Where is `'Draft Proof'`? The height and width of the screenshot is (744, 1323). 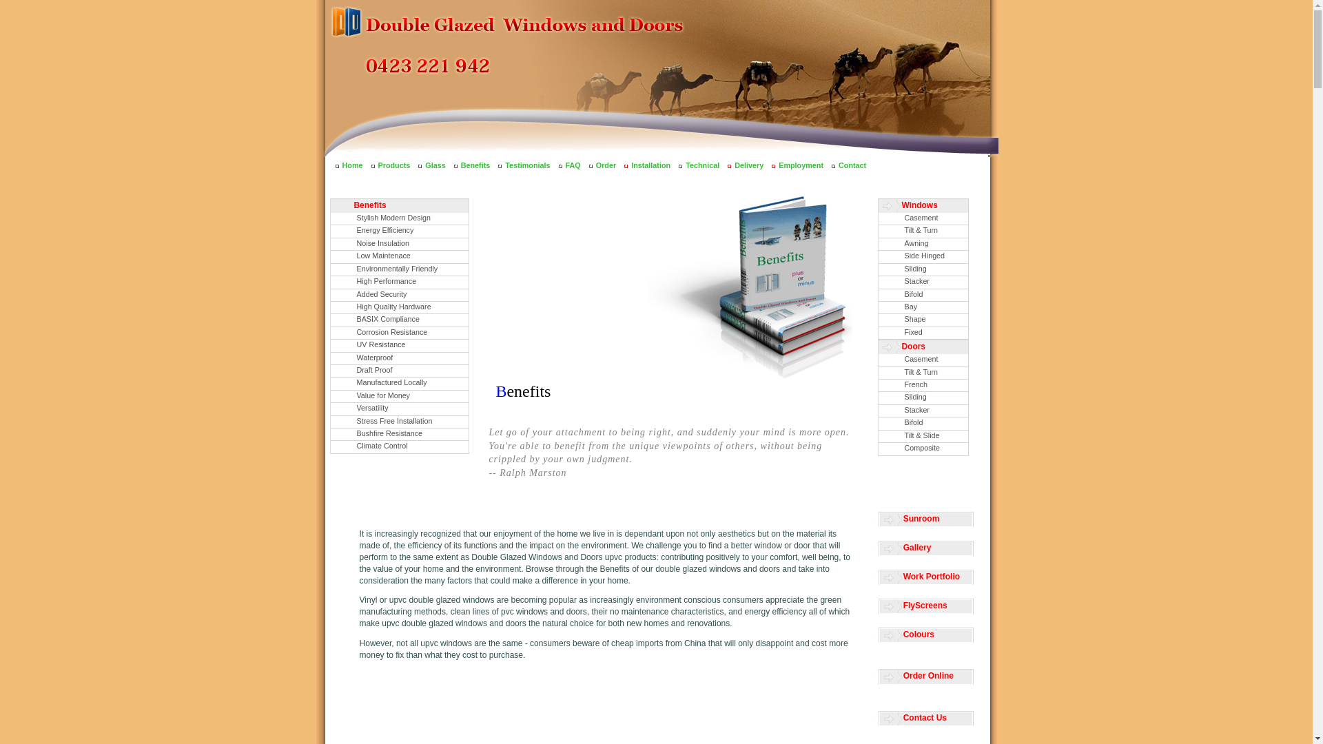
'Draft Proof' is located at coordinates (399, 370).